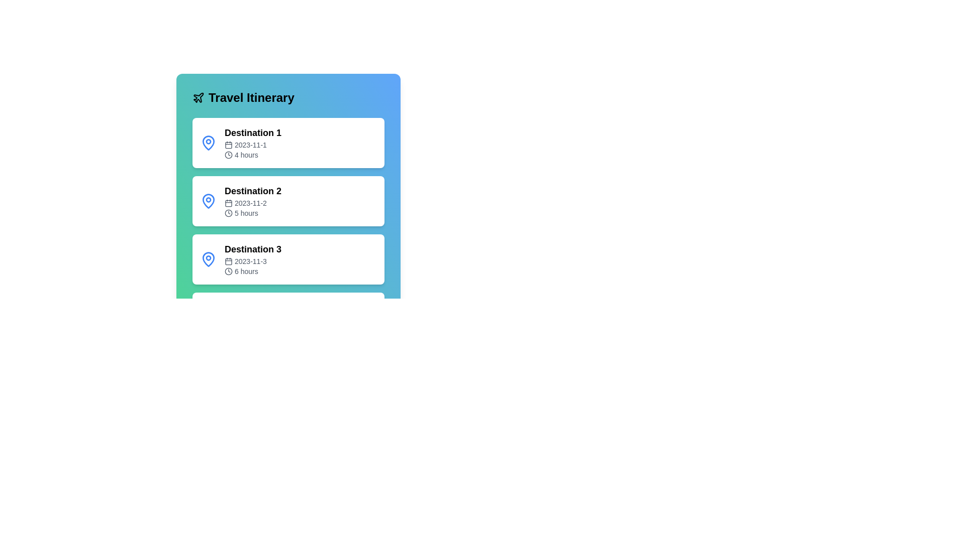 Image resolution: width=965 pixels, height=542 pixels. I want to click on the decorative circle element within the clock icon located in the bottom-right corner of the 'Destination 2' entry box, positioned below the 'Destination 2' header text and calendar icon, so click(228, 212).